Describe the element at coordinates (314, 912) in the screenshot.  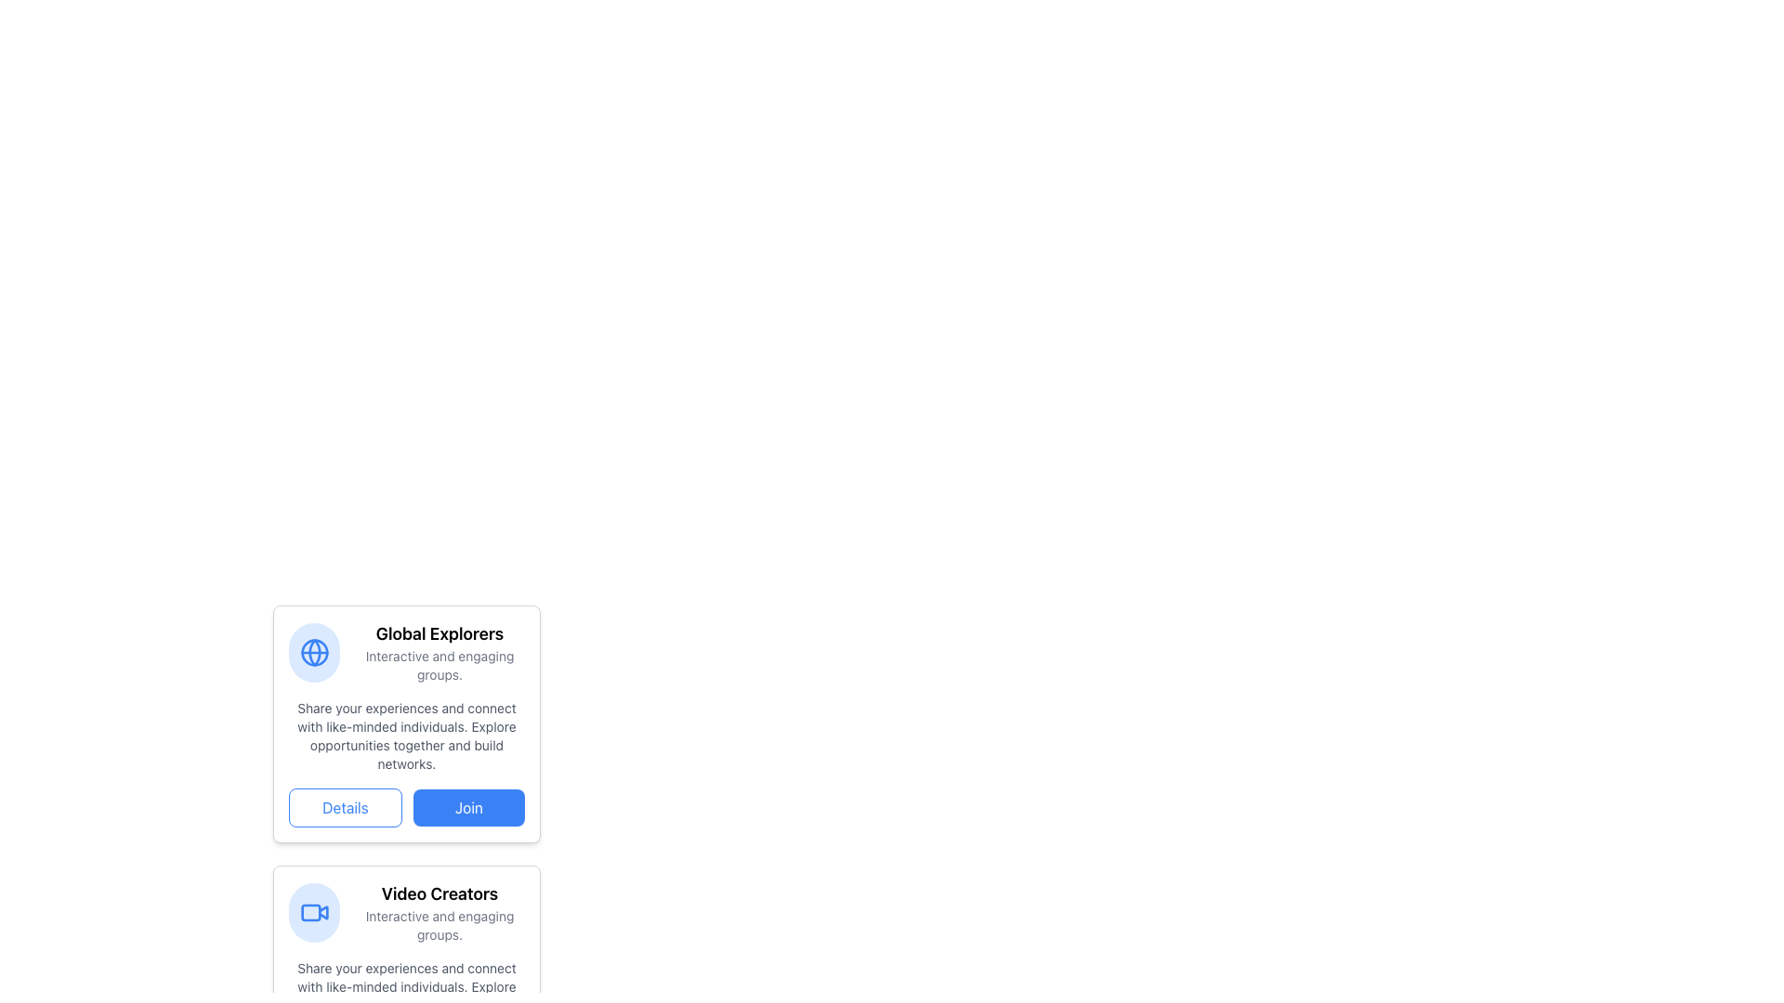
I see `the blue video camera icon, which is the central icon of the second card in the list, located below the 'Global Explorers' card and to the left of the 'Video Creators' text heading` at that location.